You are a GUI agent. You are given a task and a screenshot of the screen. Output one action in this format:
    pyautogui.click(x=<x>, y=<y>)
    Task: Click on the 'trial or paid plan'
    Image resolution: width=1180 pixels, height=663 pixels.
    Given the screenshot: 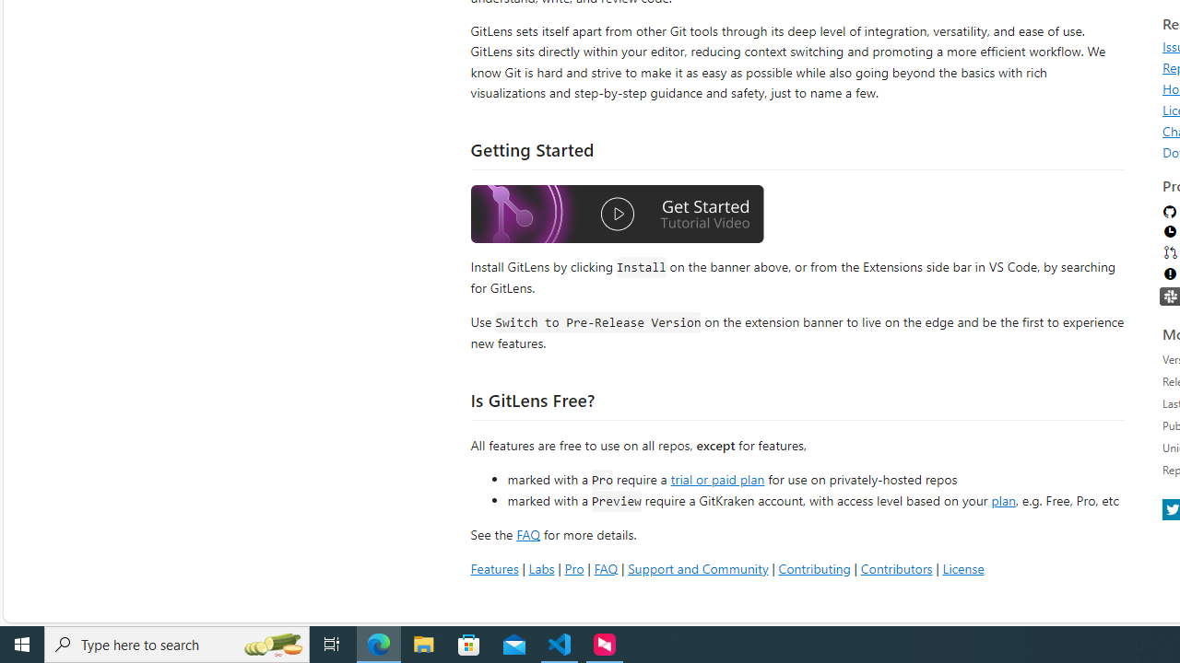 What is the action you would take?
    pyautogui.click(x=716, y=477)
    